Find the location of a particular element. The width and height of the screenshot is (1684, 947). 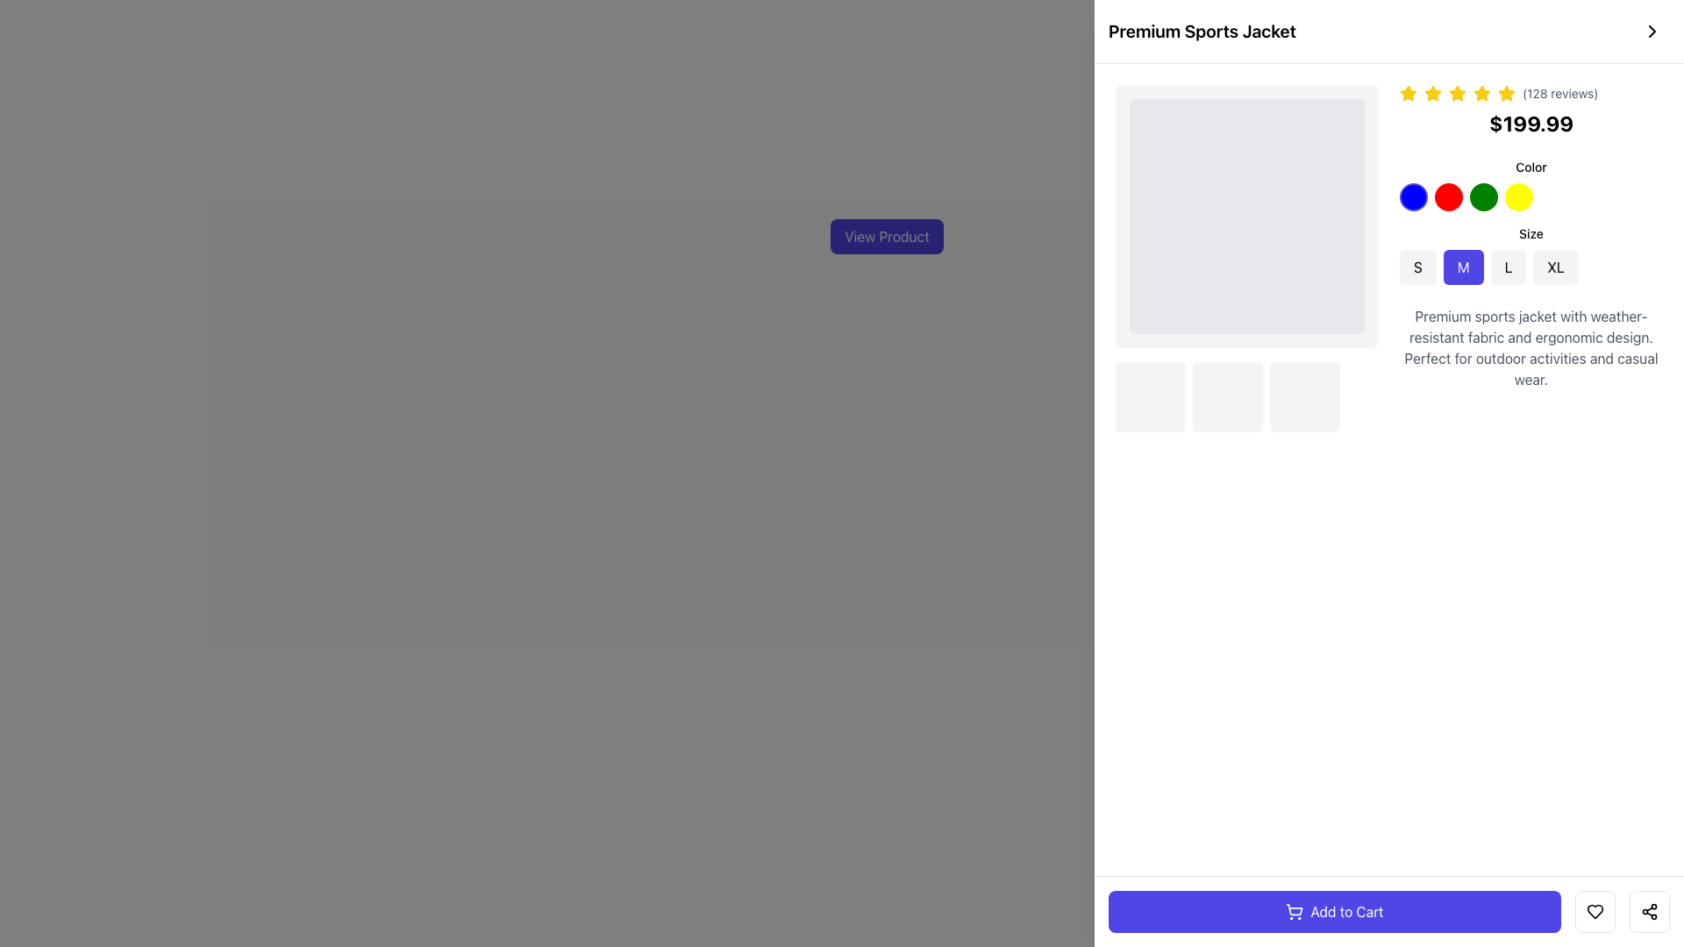

the yellow circular button, which is the fourth in a horizontal group of color option buttons, to possibly reveal a context menu is located at coordinates (1518, 196).